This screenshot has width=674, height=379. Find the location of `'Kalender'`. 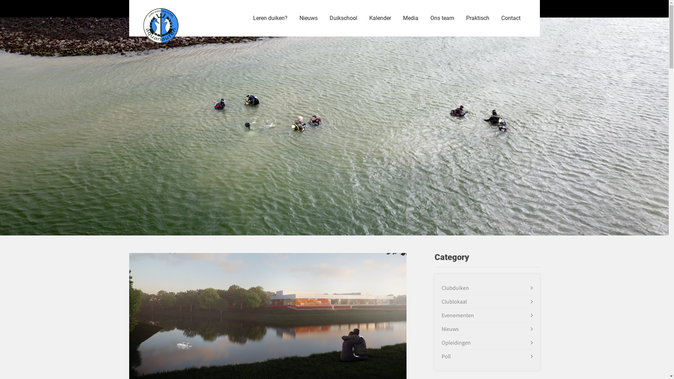

'Kalender' is located at coordinates (379, 18).